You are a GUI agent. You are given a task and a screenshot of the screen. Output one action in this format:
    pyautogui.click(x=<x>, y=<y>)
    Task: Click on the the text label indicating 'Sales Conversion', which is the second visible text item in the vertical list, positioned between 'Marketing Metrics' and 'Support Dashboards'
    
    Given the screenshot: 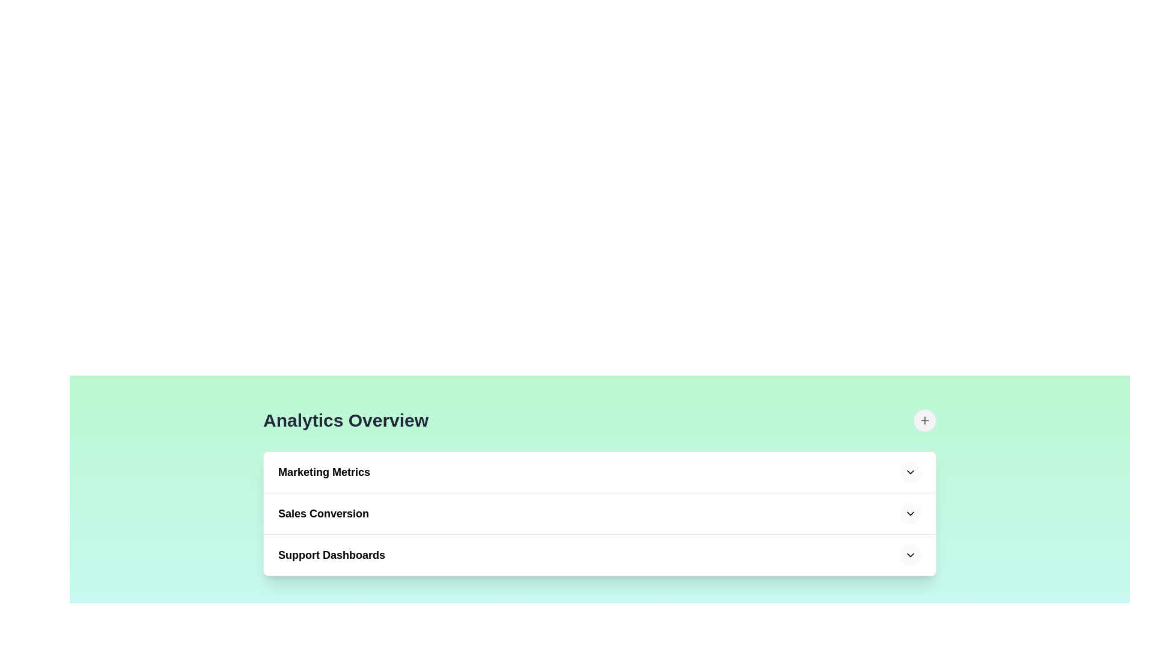 What is the action you would take?
    pyautogui.click(x=323, y=514)
    